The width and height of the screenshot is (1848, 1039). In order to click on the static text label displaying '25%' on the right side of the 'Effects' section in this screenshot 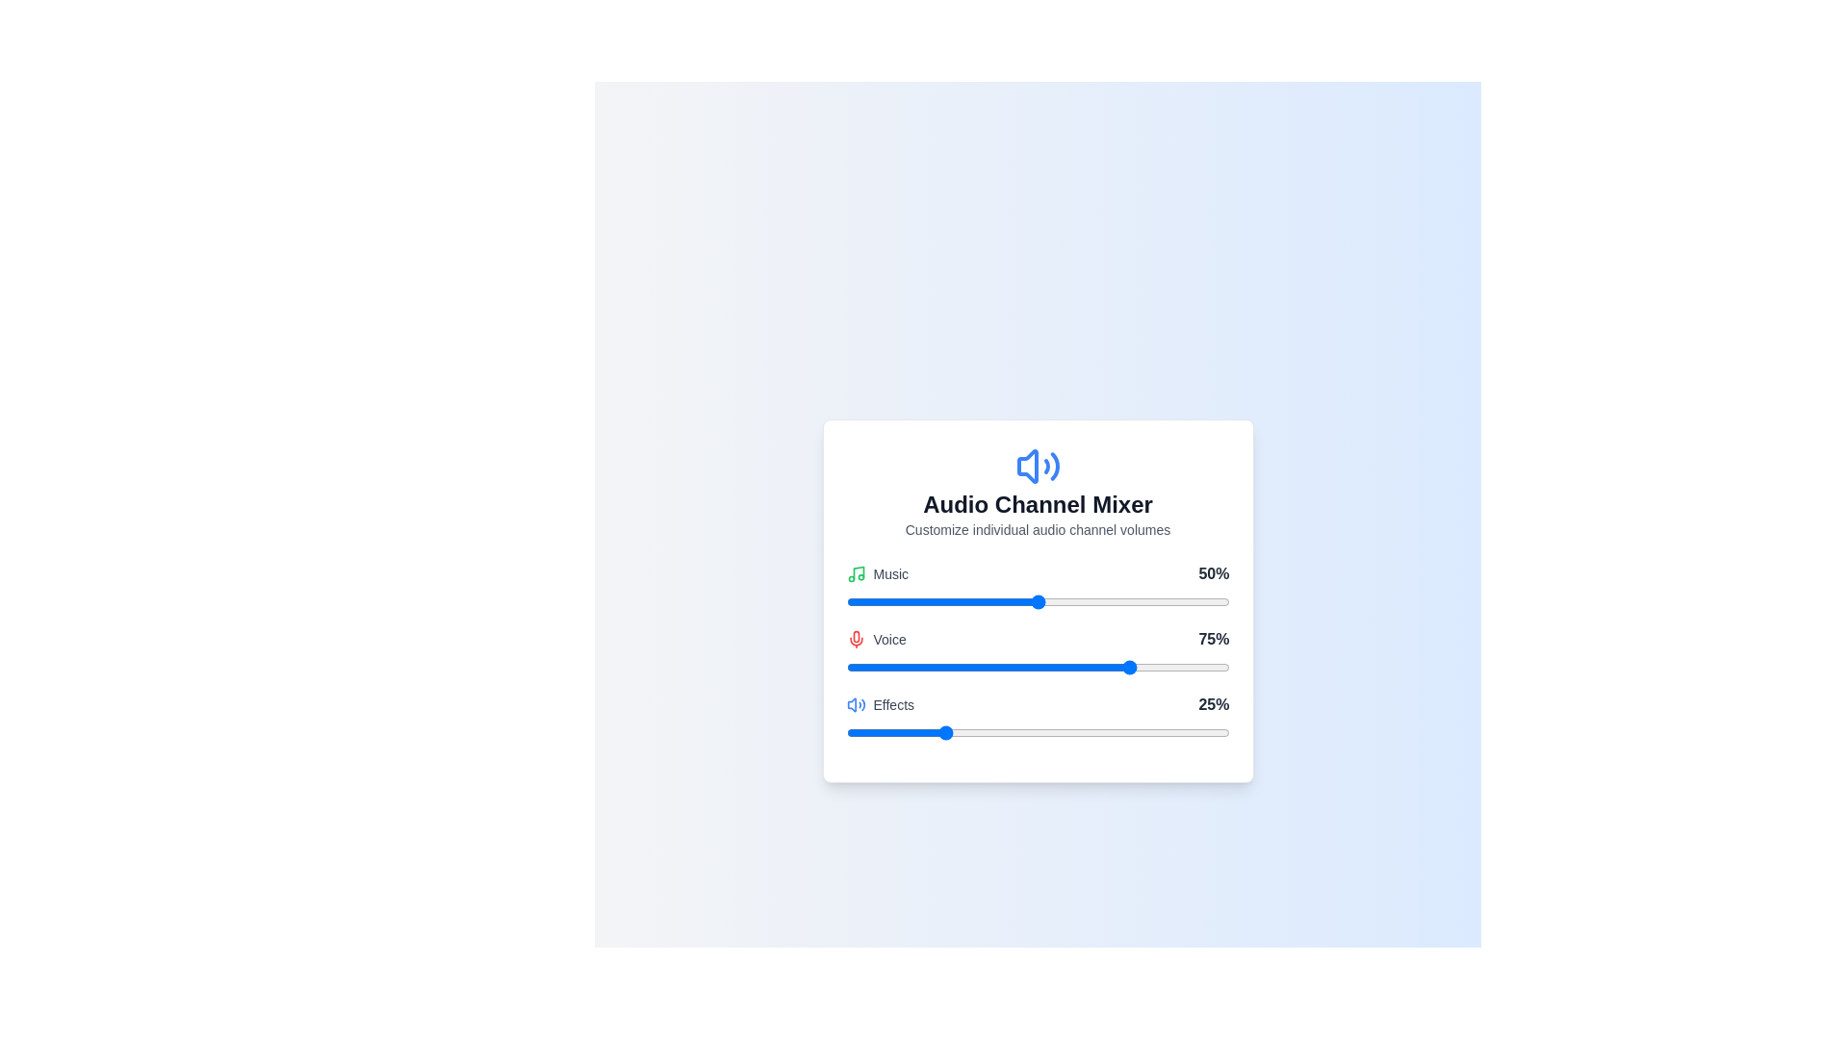, I will do `click(1213, 704)`.